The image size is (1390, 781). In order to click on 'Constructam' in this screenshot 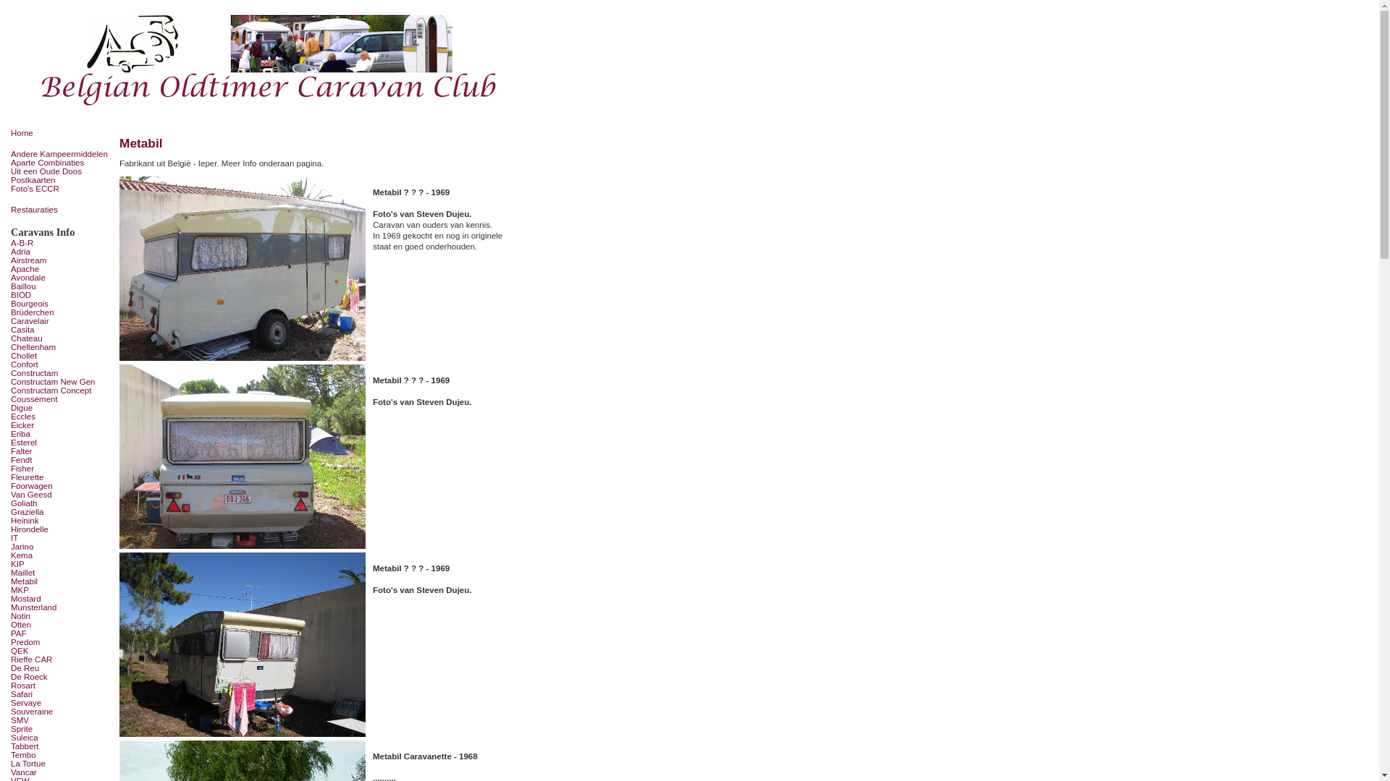, I will do `click(61, 372)`.